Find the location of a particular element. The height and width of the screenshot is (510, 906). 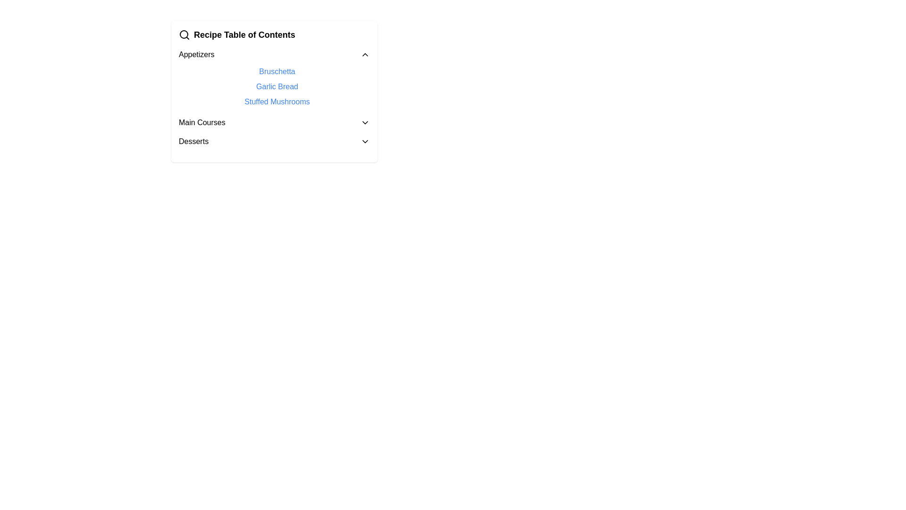

the SVG Icon located on the far left of the 'Recipe Table of Contents' title bar is located at coordinates (184, 34).